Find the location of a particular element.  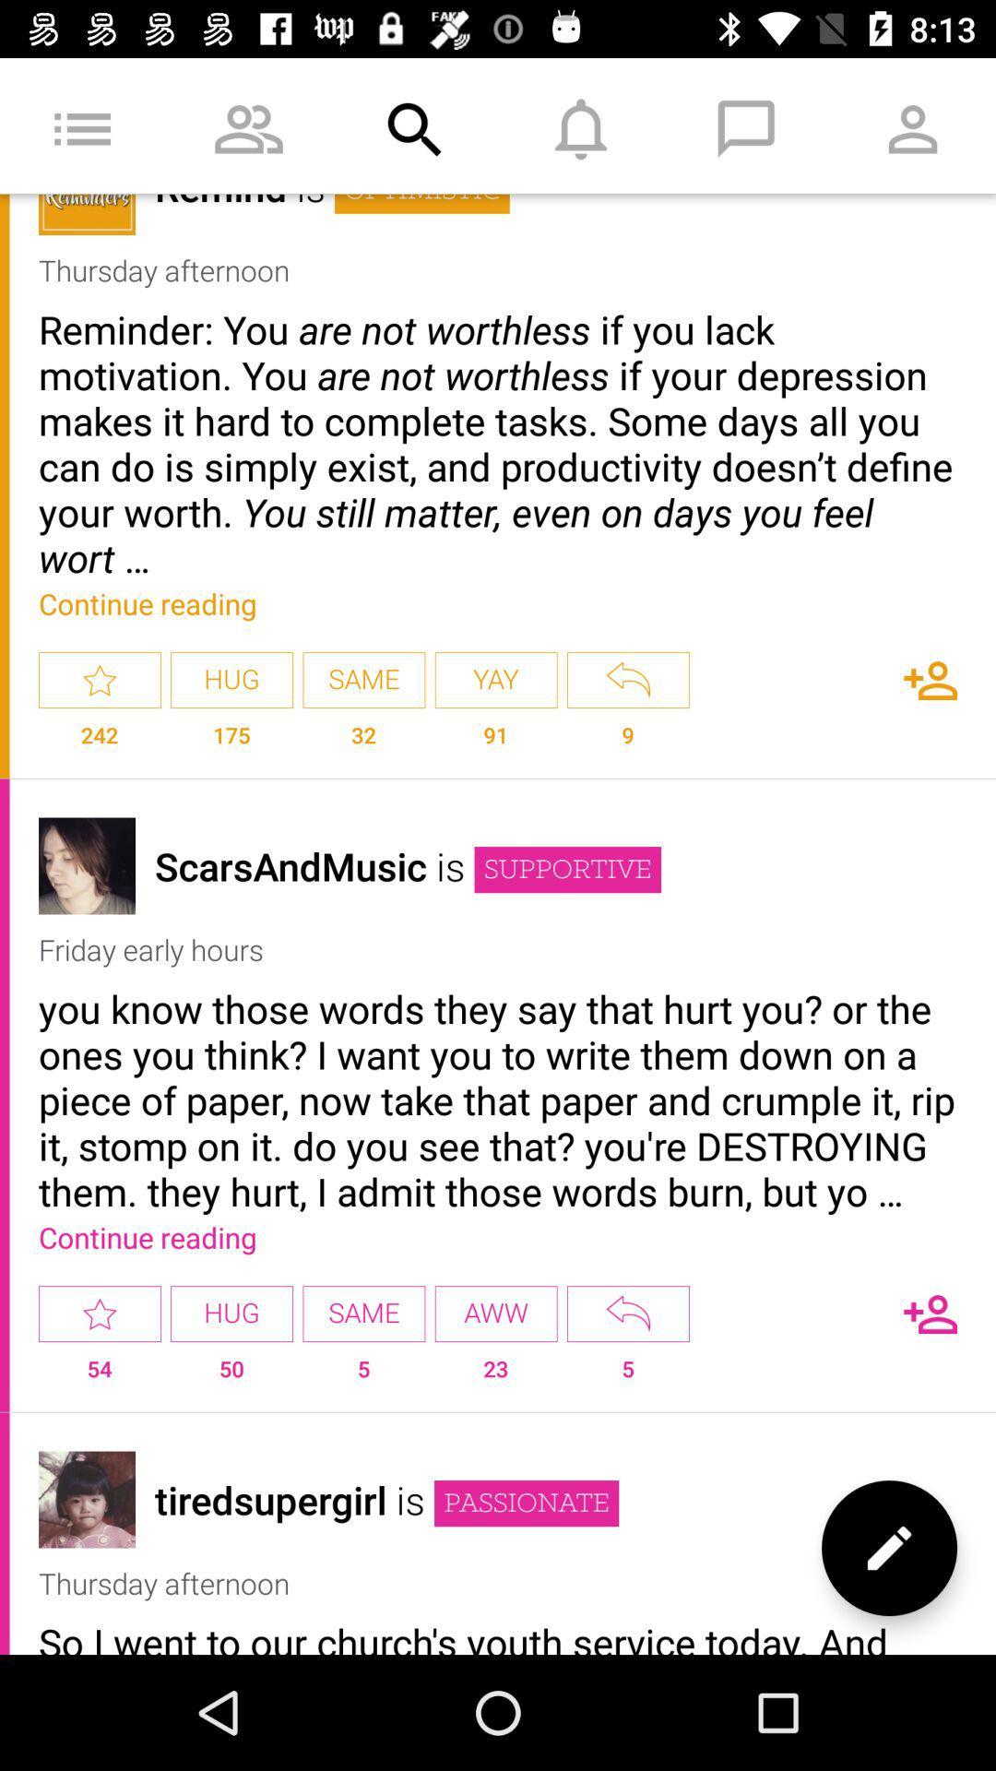

the item above friday early hours is located at coordinates (566, 869).